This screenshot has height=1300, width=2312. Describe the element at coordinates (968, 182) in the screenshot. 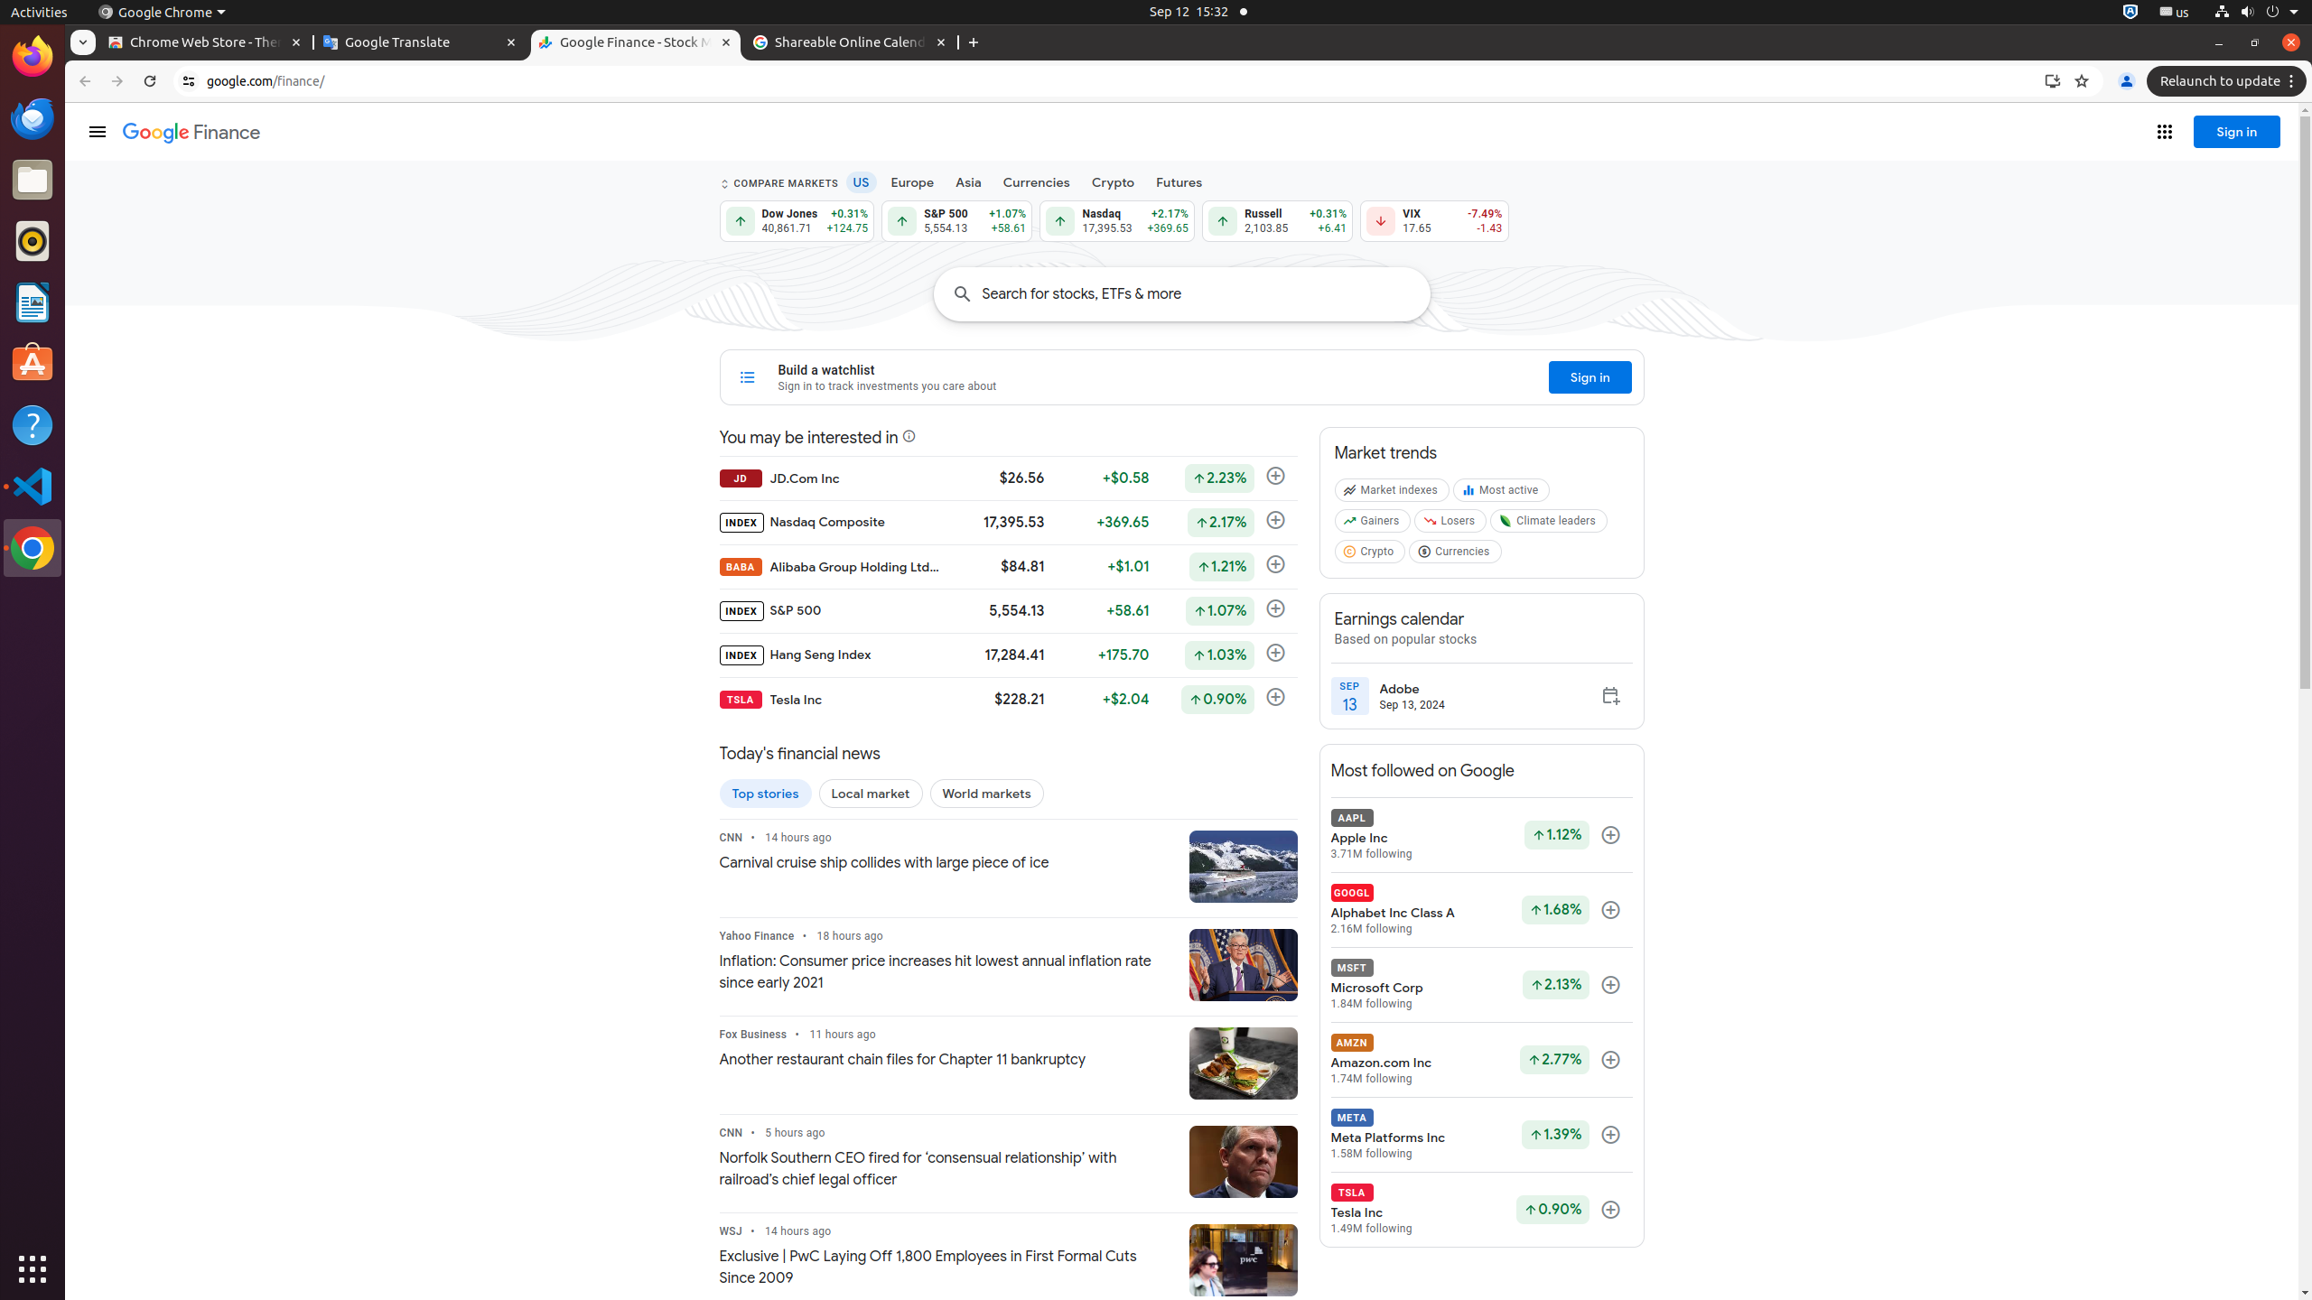

I see `'Asia'` at that location.